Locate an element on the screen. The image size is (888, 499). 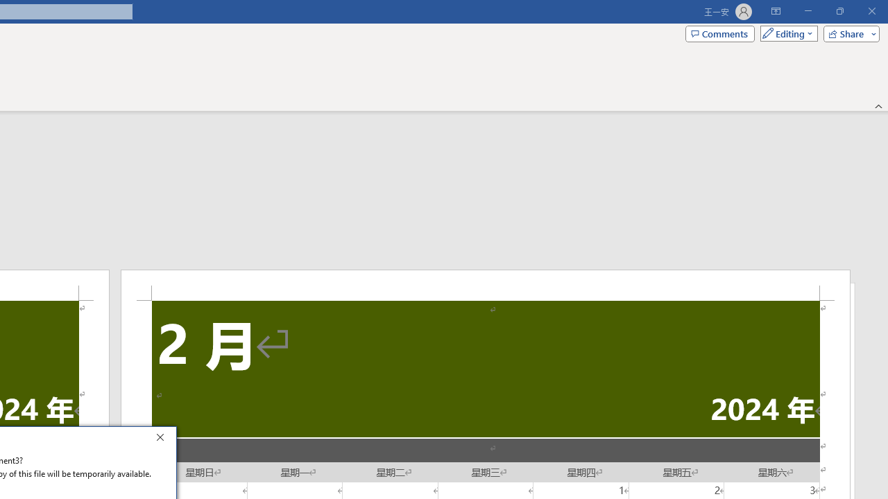
'Header -Section 2-' is located at coordinates (486, 284).